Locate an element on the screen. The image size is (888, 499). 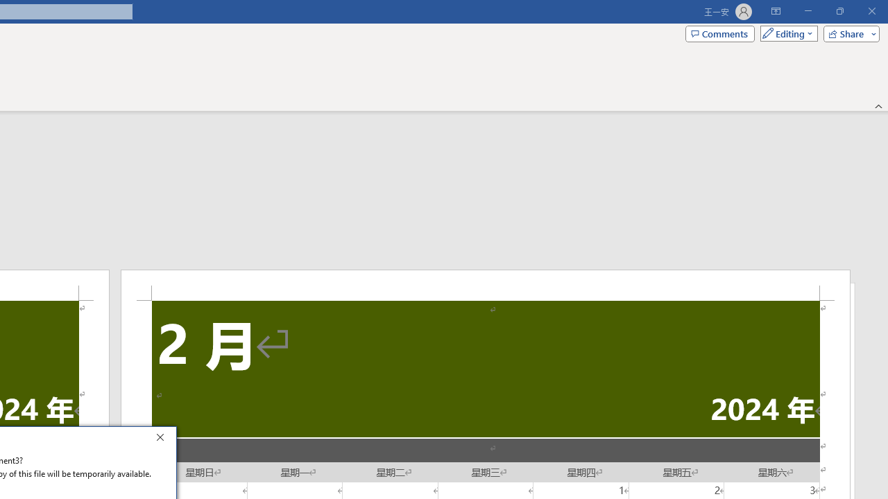
'Header -Section 2-' is located at coordinates (486, 284).